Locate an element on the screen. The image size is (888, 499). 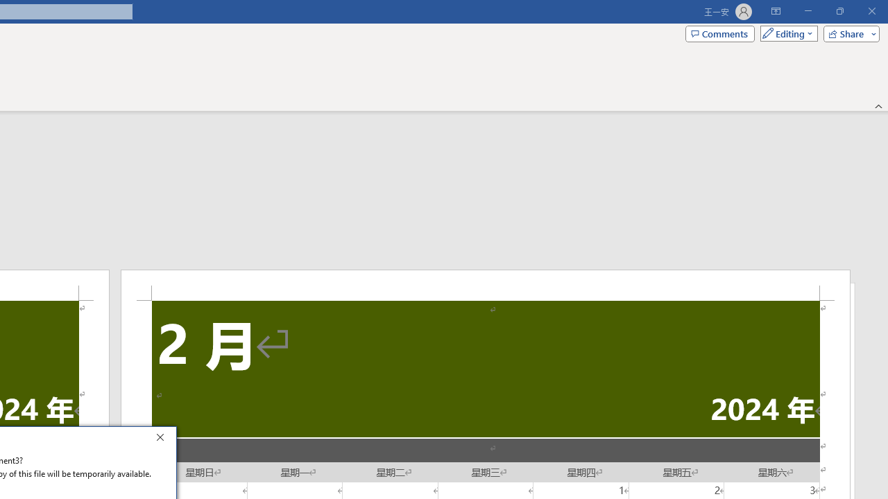
'Header -Section 2-' is located at coordinates (486, 284).